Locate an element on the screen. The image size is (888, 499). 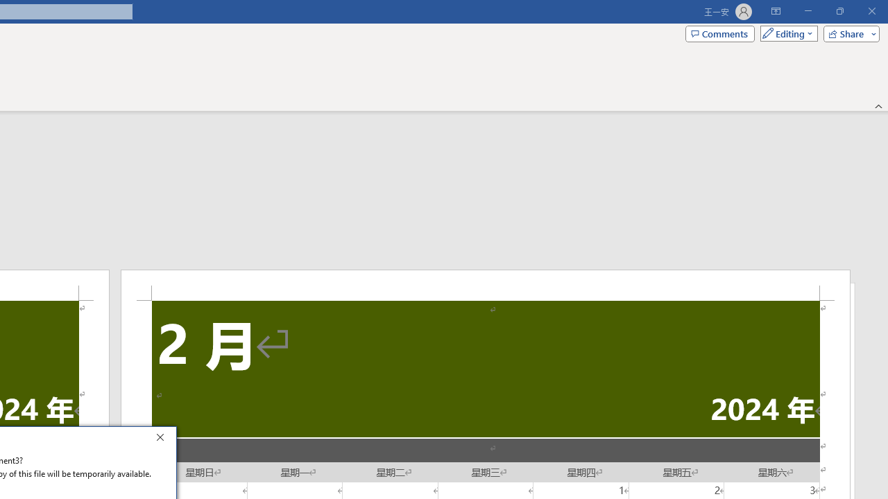
'Header -Section 2-' is located at coordinates (486, 284).